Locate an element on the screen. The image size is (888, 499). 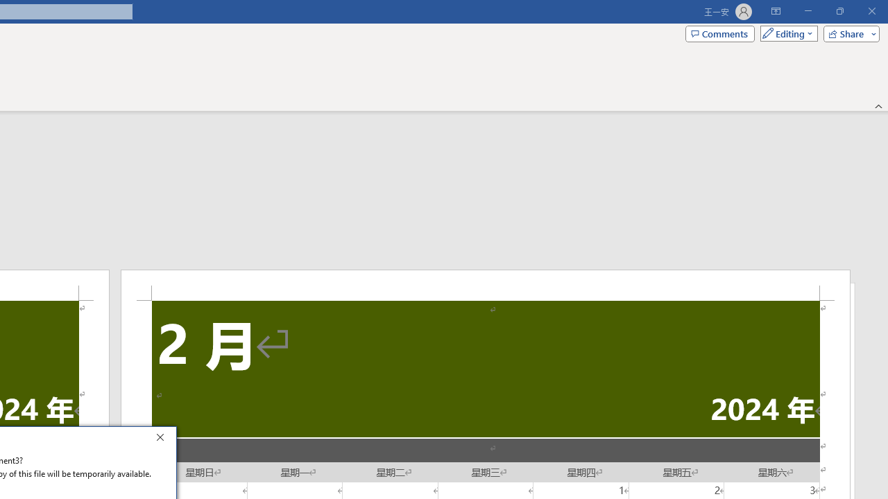
'Header -Section 2-' is located at coordinates (486, 284).